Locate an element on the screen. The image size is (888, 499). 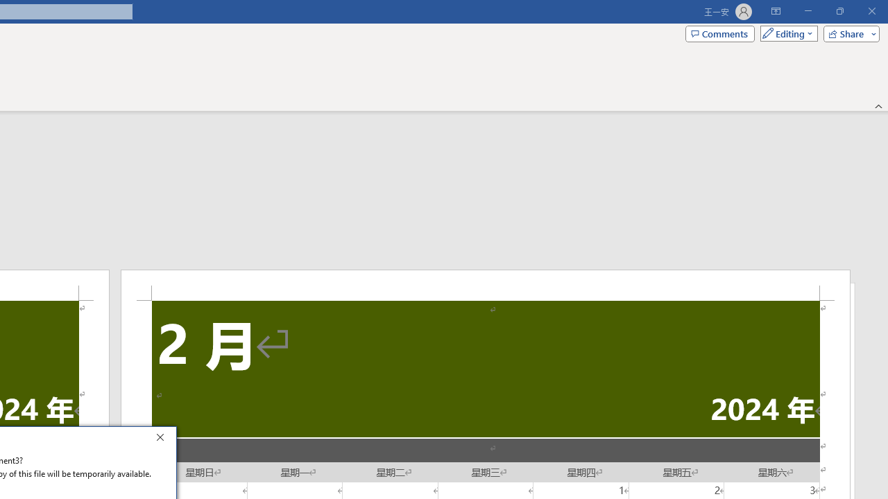
'Header -Section 2-' is located at coordinates (486, 284).